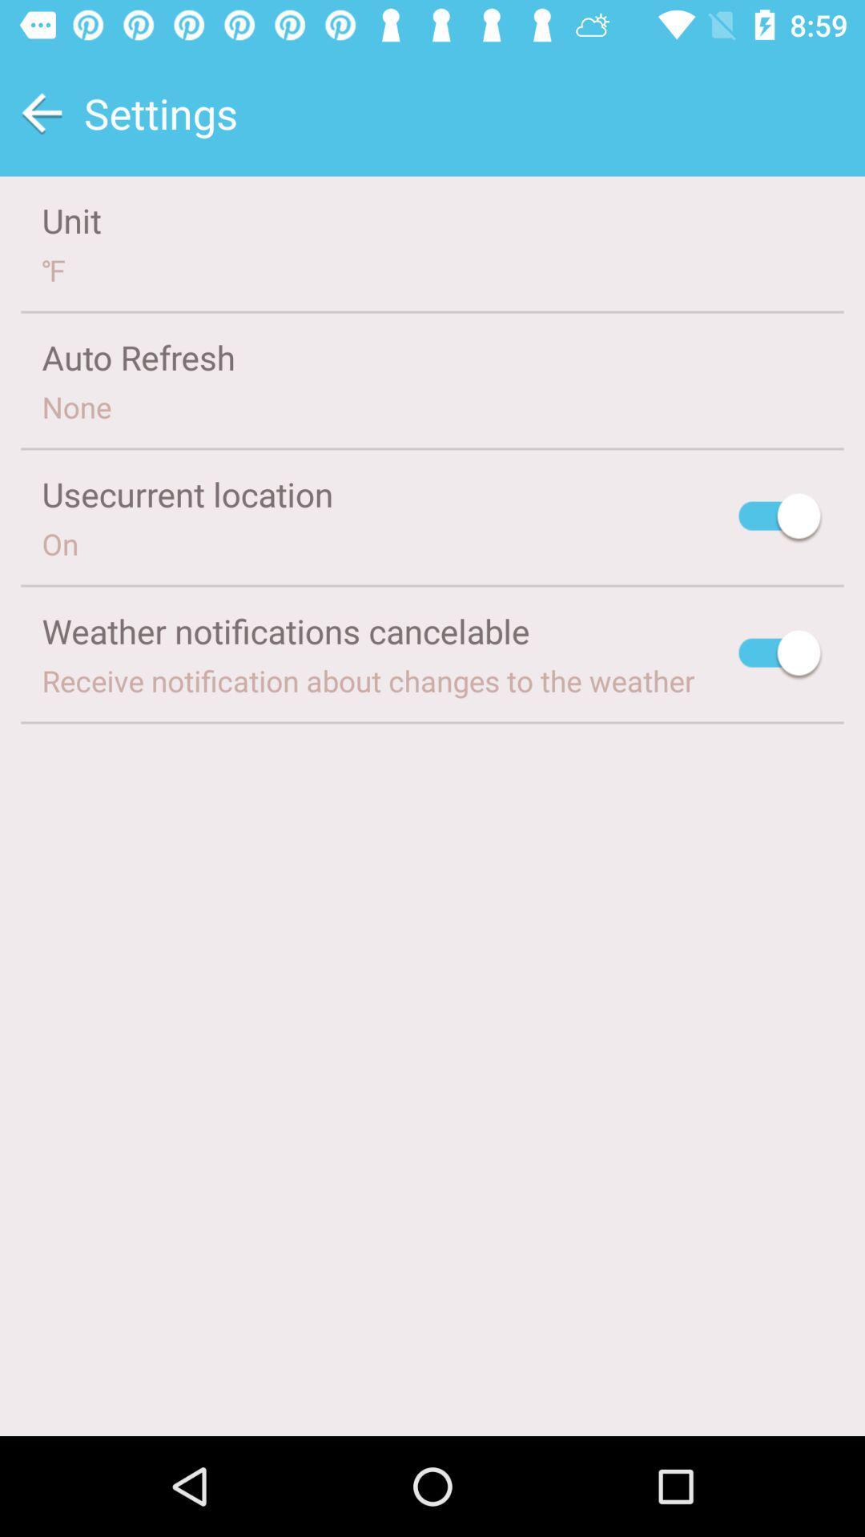 The width and height of the screenshot is (865, 1537). What do you see at coordinates (780, 656) in the screenshot?
I see `the icon to the right of weather notifications cancelable icon` at bounding box center [780, 656].